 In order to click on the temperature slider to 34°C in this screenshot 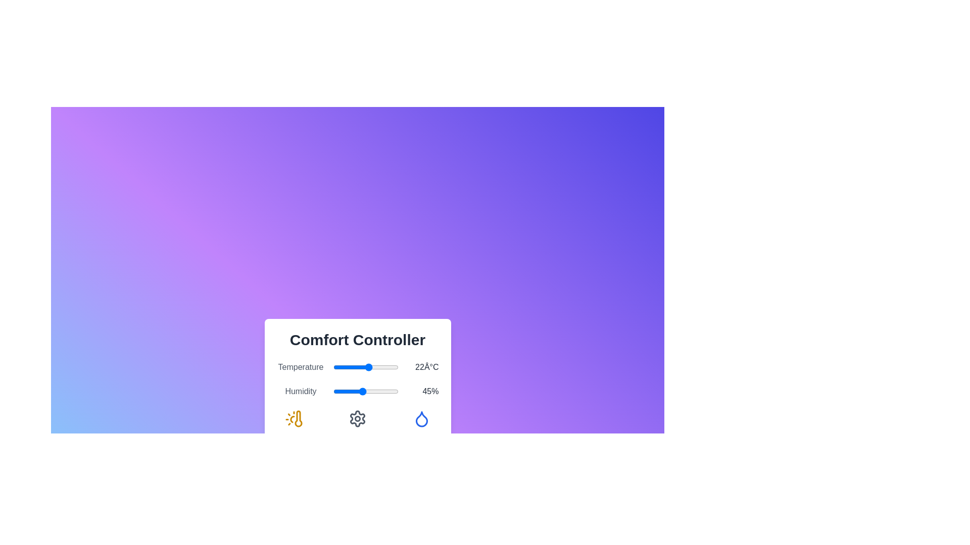, I will do `click(388, 367)`.